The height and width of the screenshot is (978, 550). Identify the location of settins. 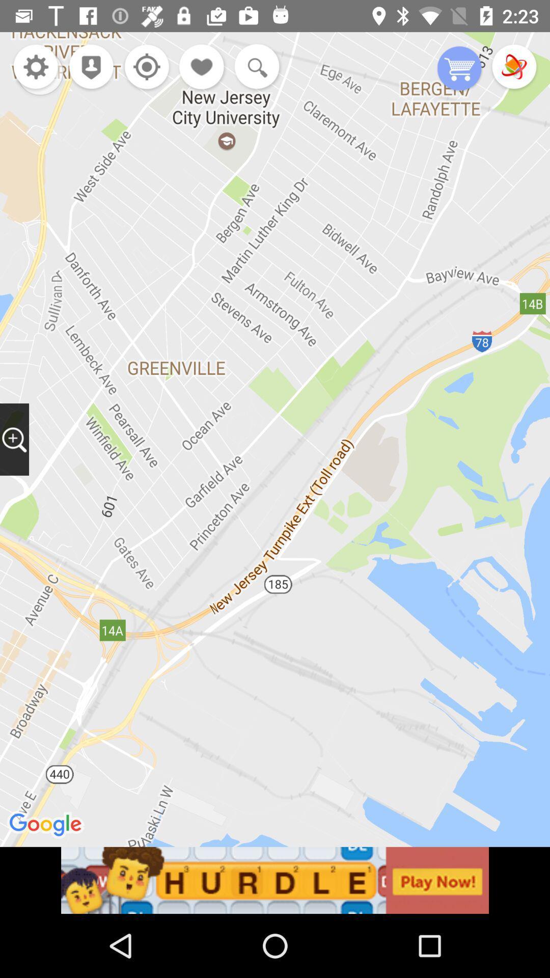
(35, 67).